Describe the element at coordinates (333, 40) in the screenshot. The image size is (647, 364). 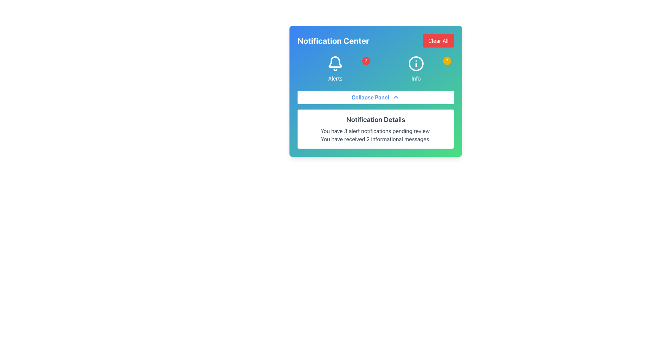
I see `text of the Heading located at the top left of the notification panel, which serves as the title and provides context to the user` at that location.